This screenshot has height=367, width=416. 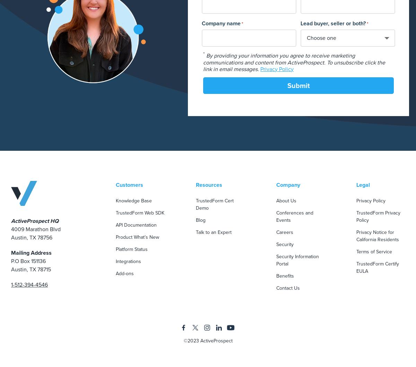 What do you see at coordinates (321, 37) in the screenshot?
I see `'Choose one'` at bounding box center [321, 37].